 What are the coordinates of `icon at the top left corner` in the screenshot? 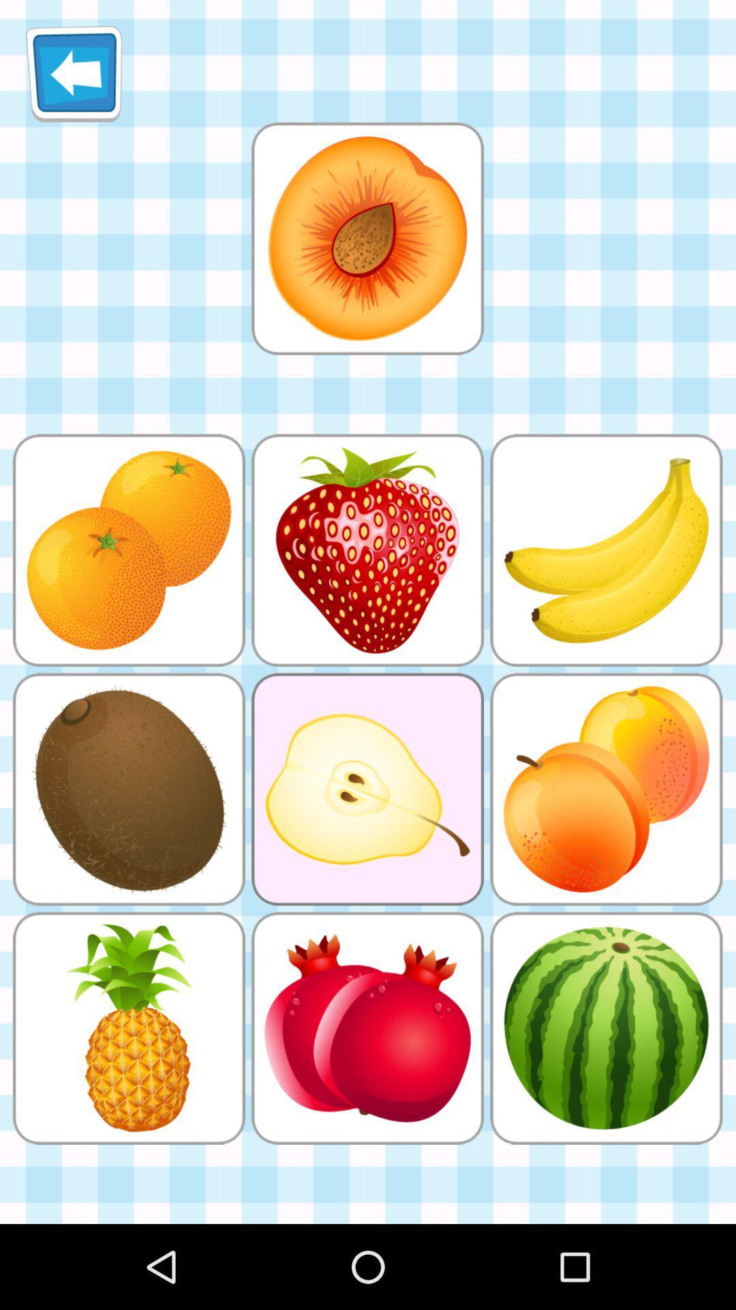 It's located at (74, 73).